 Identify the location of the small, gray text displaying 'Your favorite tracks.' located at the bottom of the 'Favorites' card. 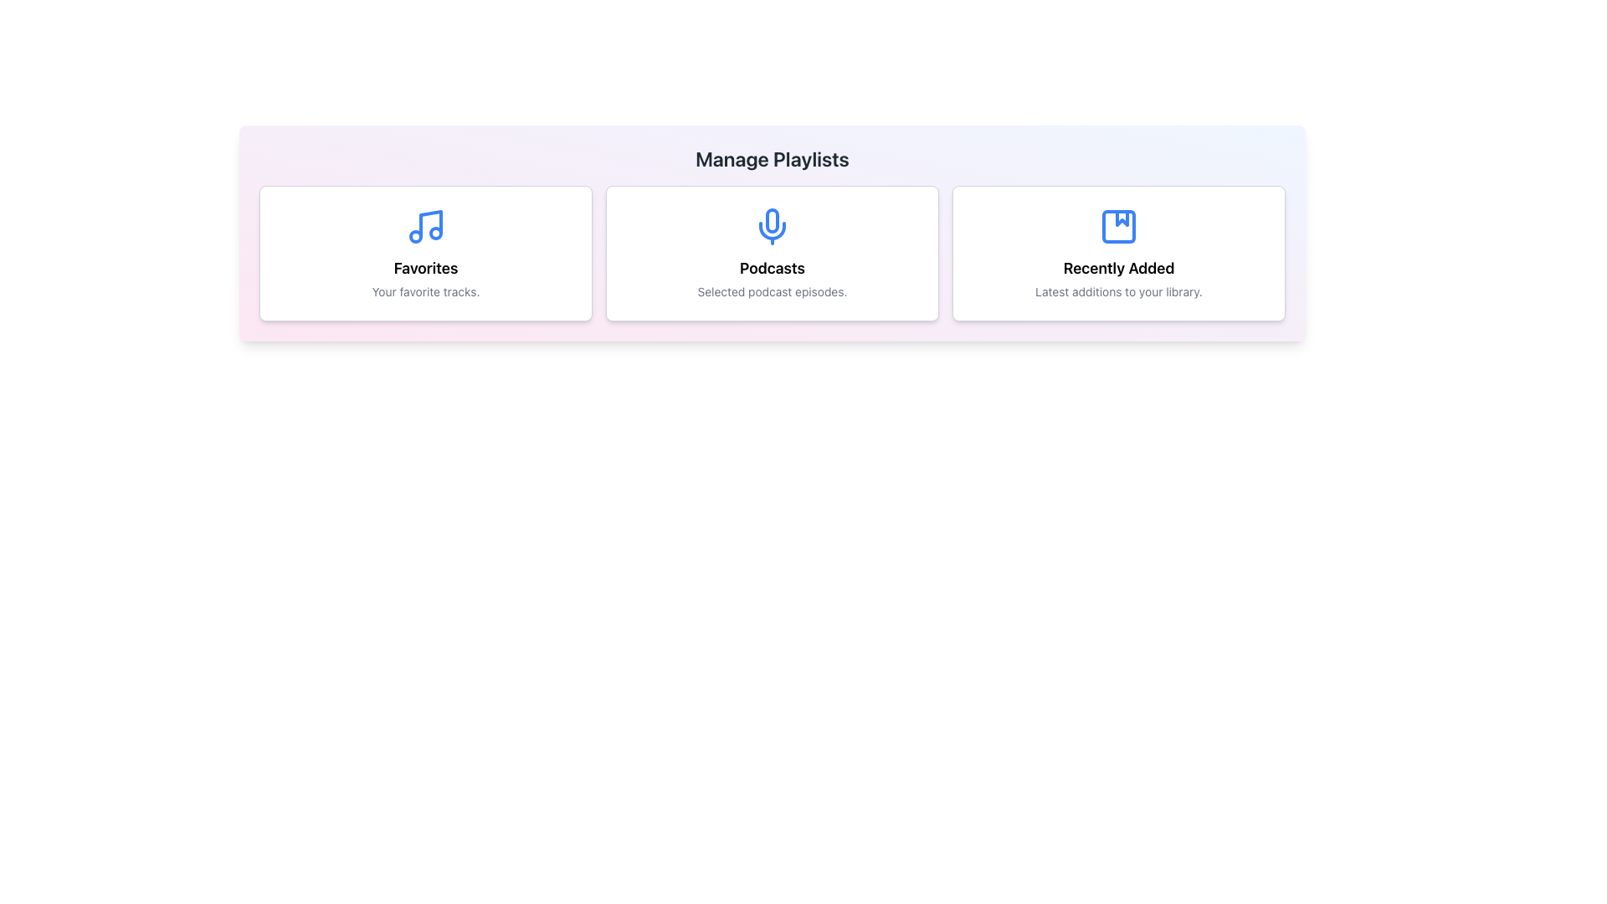
(425, 290).